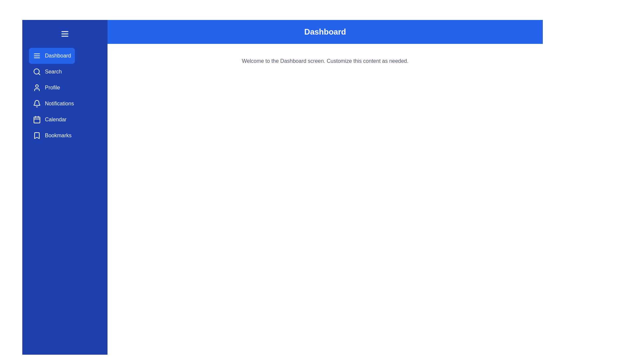 This screenshot has width=639, height=359. I want to click on 'Calendar' text label located in the left vertical navigation bar, which is the fifth entry among other navigation items, so click(56, 119).